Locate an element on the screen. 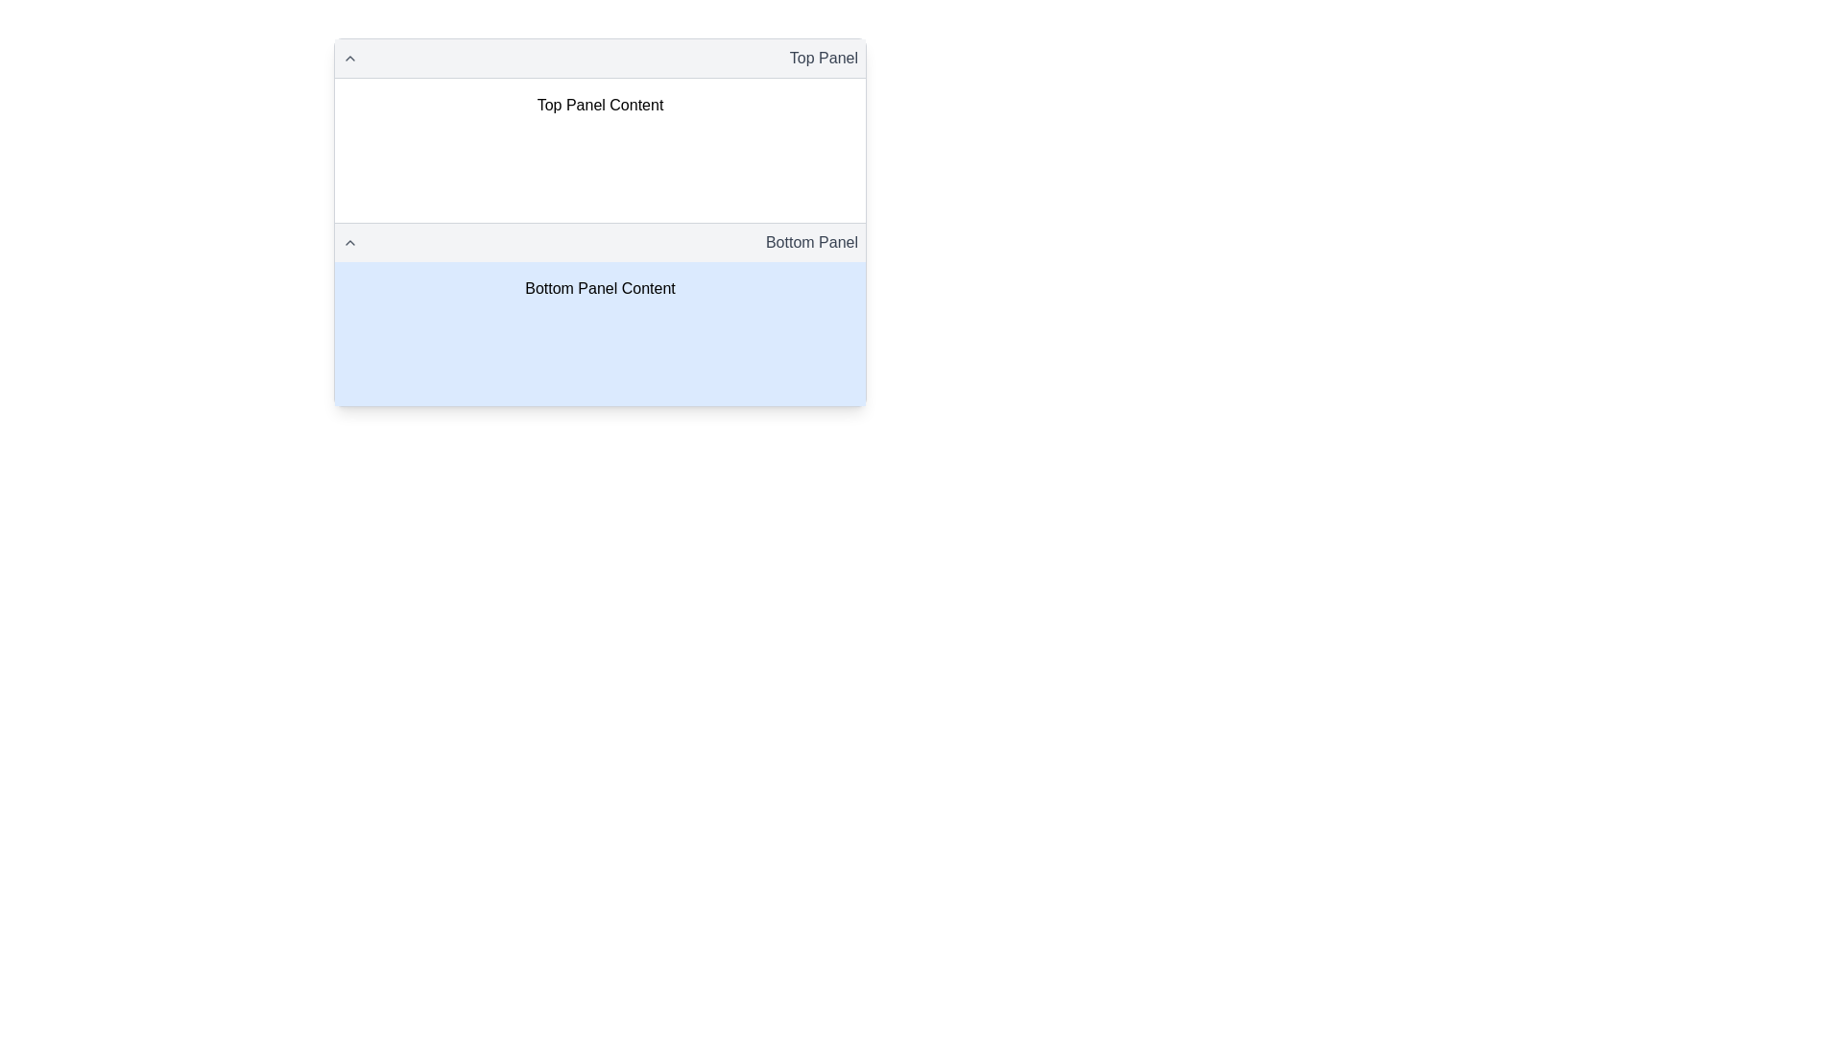 This screenshot has height=1037, width=1843. the 'Top Panel' text label, which is styled with a medium-weight font and gray color, located at the far right of the header section is located at coordinates (824, 58).